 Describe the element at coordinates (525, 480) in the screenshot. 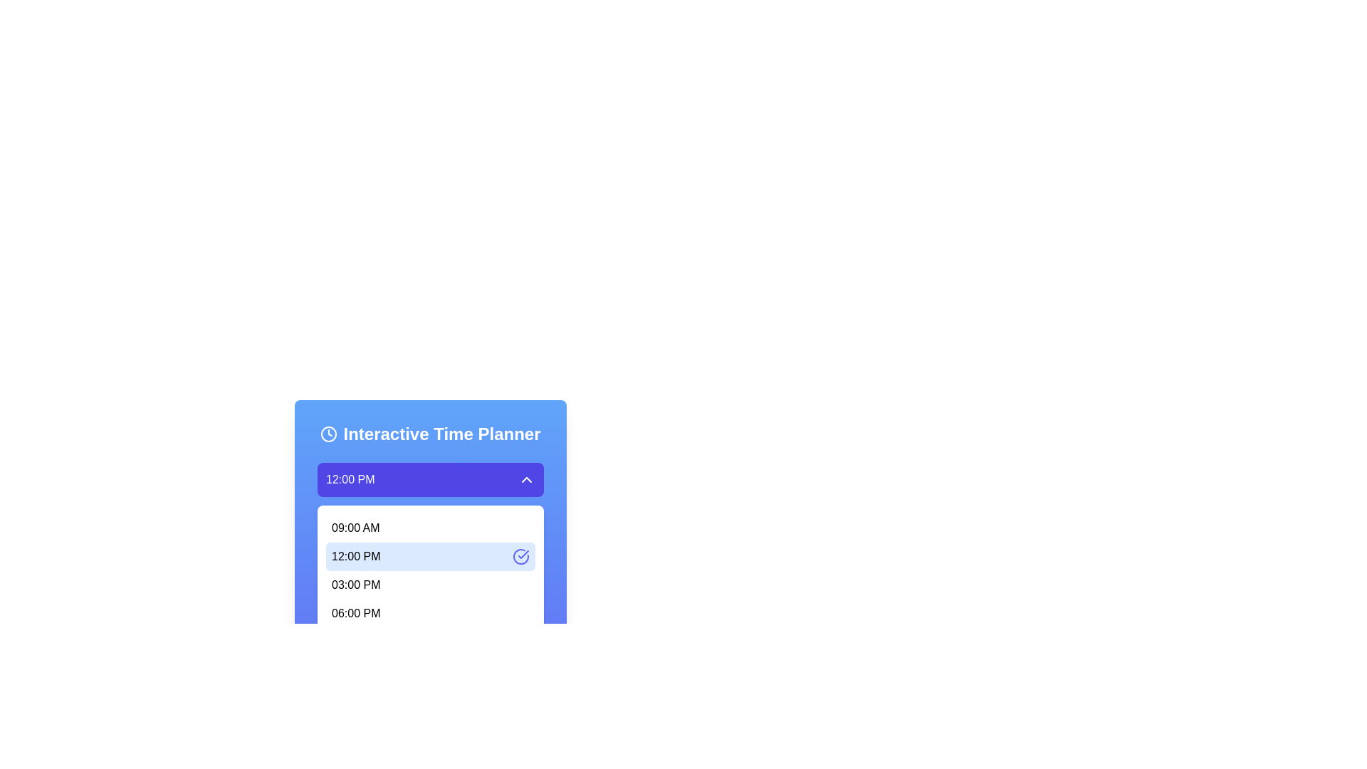

I see `the chevron icon located to the right of the text label '12:00 PM'` at that location.